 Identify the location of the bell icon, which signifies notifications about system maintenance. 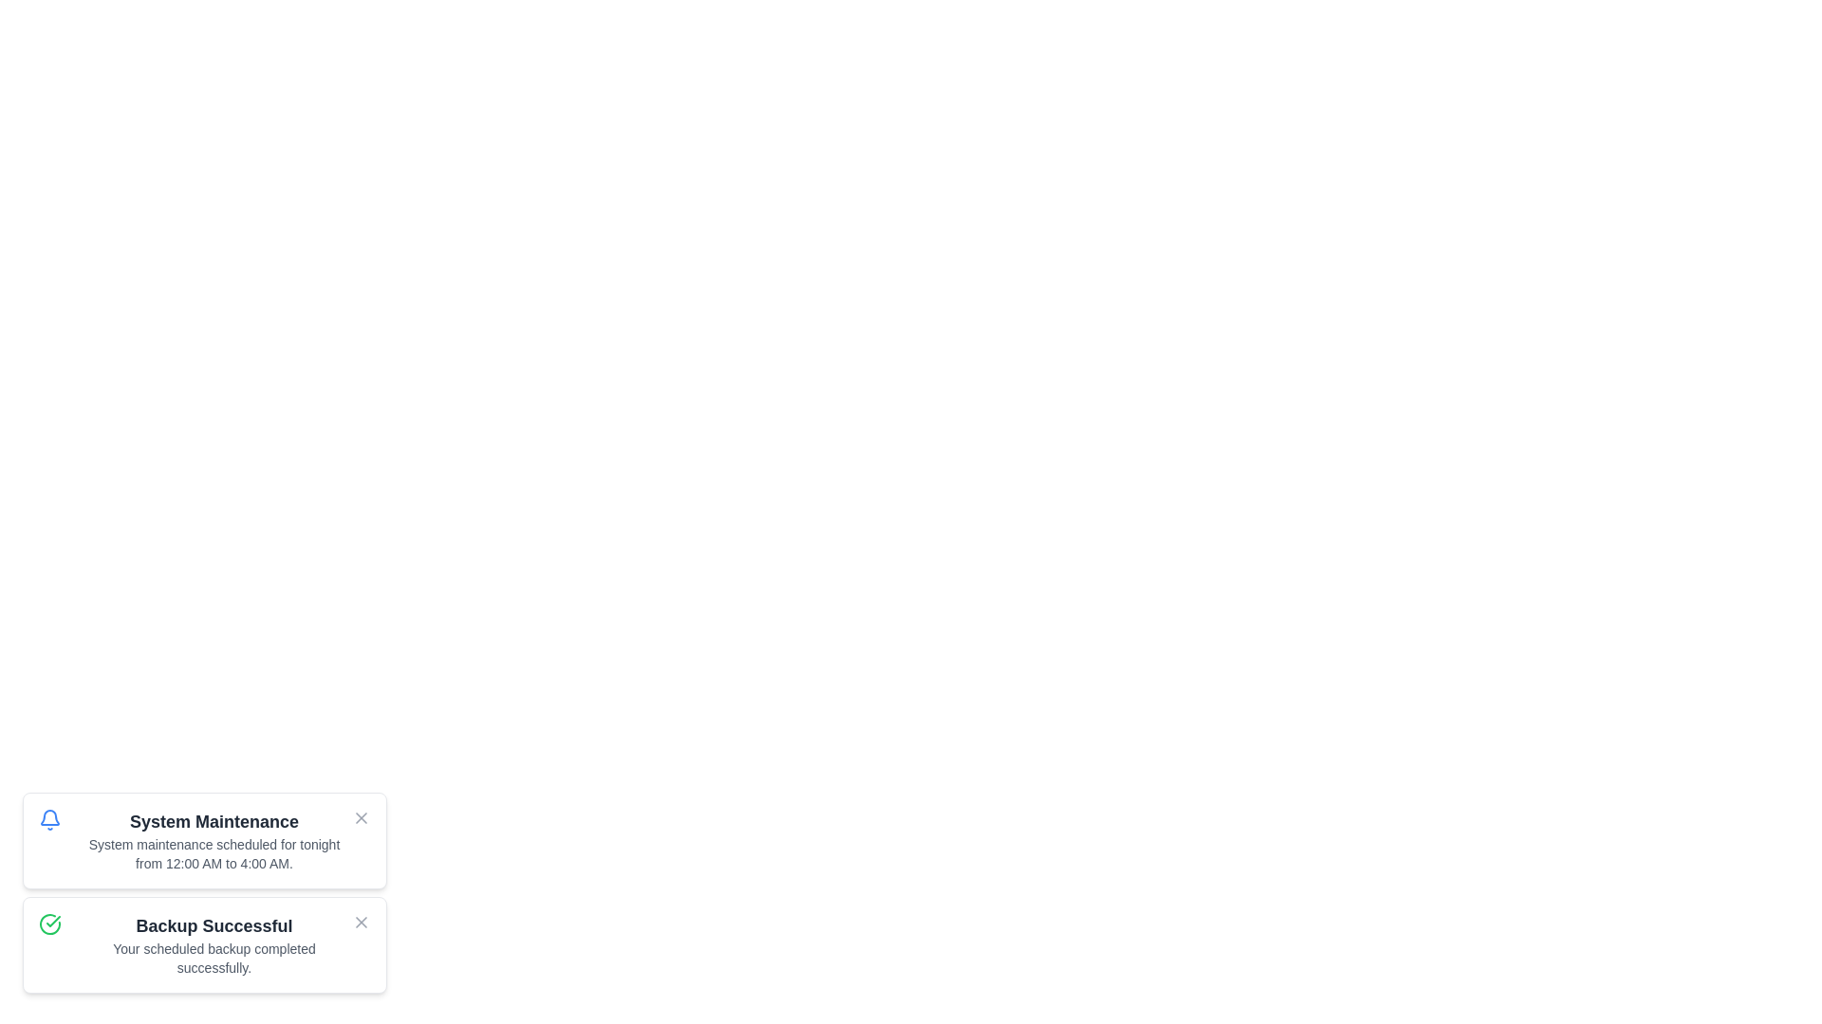
(49, 818).